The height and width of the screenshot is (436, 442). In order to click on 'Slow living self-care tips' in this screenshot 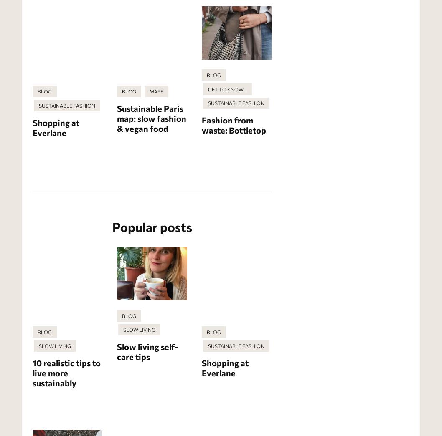, I will do `click(147, 351)`.